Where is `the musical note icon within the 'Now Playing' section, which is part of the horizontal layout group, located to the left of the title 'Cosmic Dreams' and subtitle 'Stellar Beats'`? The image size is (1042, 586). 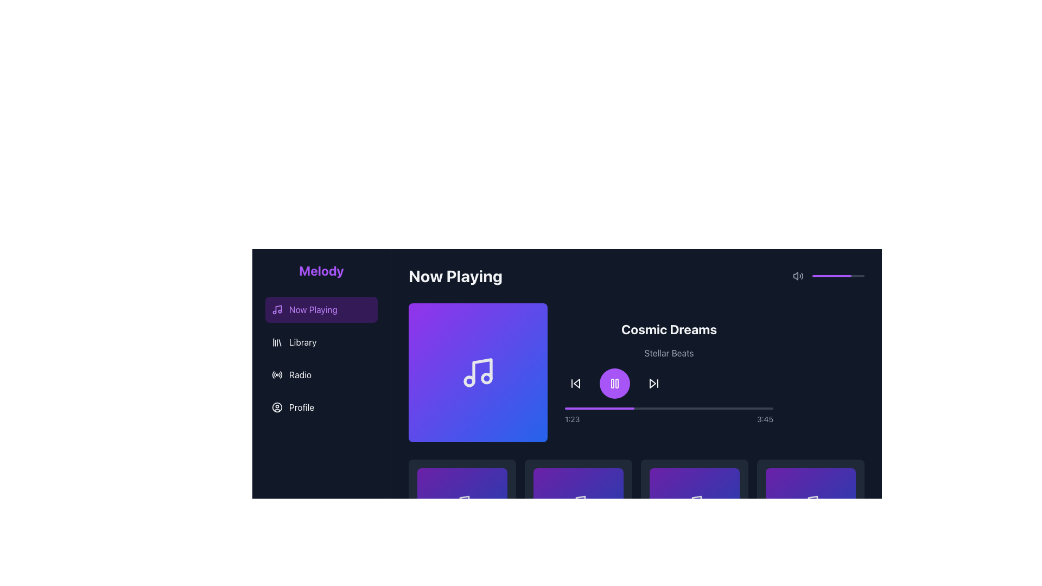
the musical note icon within the 'Now Playing' section, which is part of the horizontal layout group, located to the left of the title 'Cosmic Dreams' and subtitle 'Stellar Beats' is located at coordinates (478, 372).